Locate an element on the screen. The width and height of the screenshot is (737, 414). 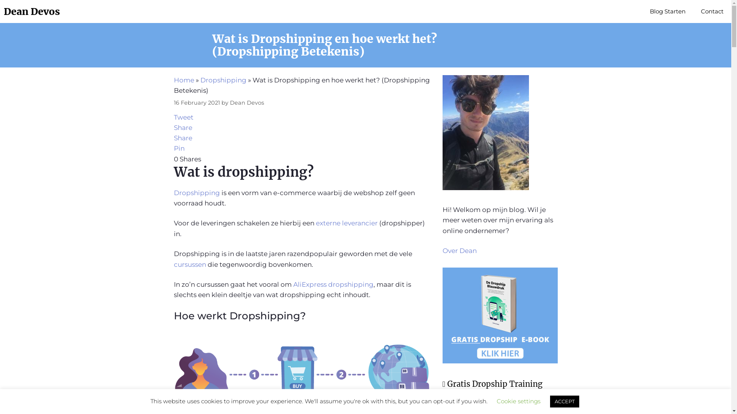
'Blog Starten' is located at coordinates (667, 11).